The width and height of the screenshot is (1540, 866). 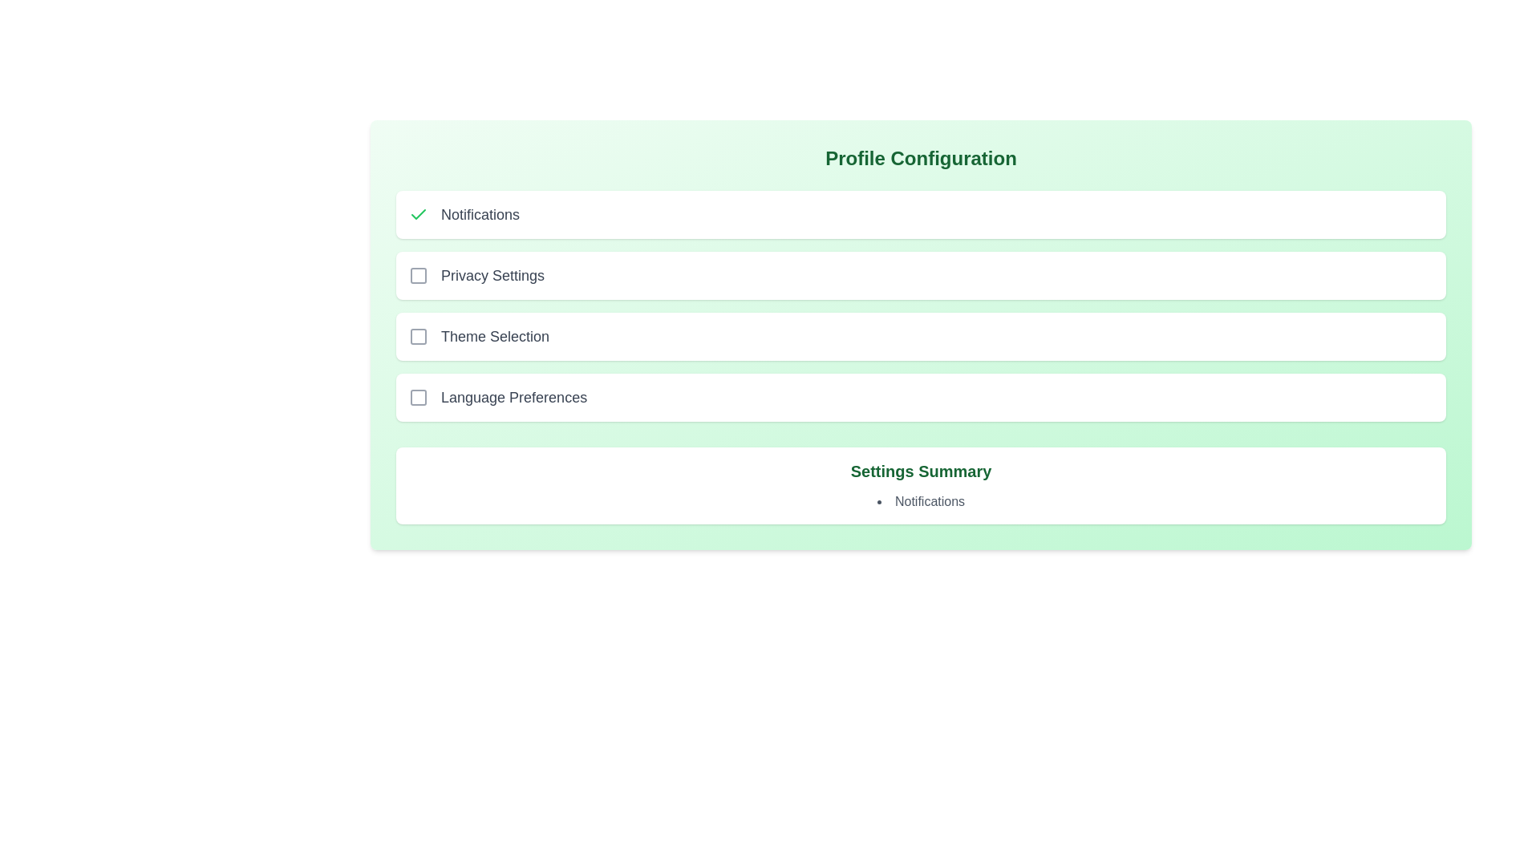 What do you see at coordinates (921, 500) in the screenshot?
I see `the list item styled with a bullet point and the text 'Notifications' located in the 'Settings Summary' section` at bounding box center [921, 500].